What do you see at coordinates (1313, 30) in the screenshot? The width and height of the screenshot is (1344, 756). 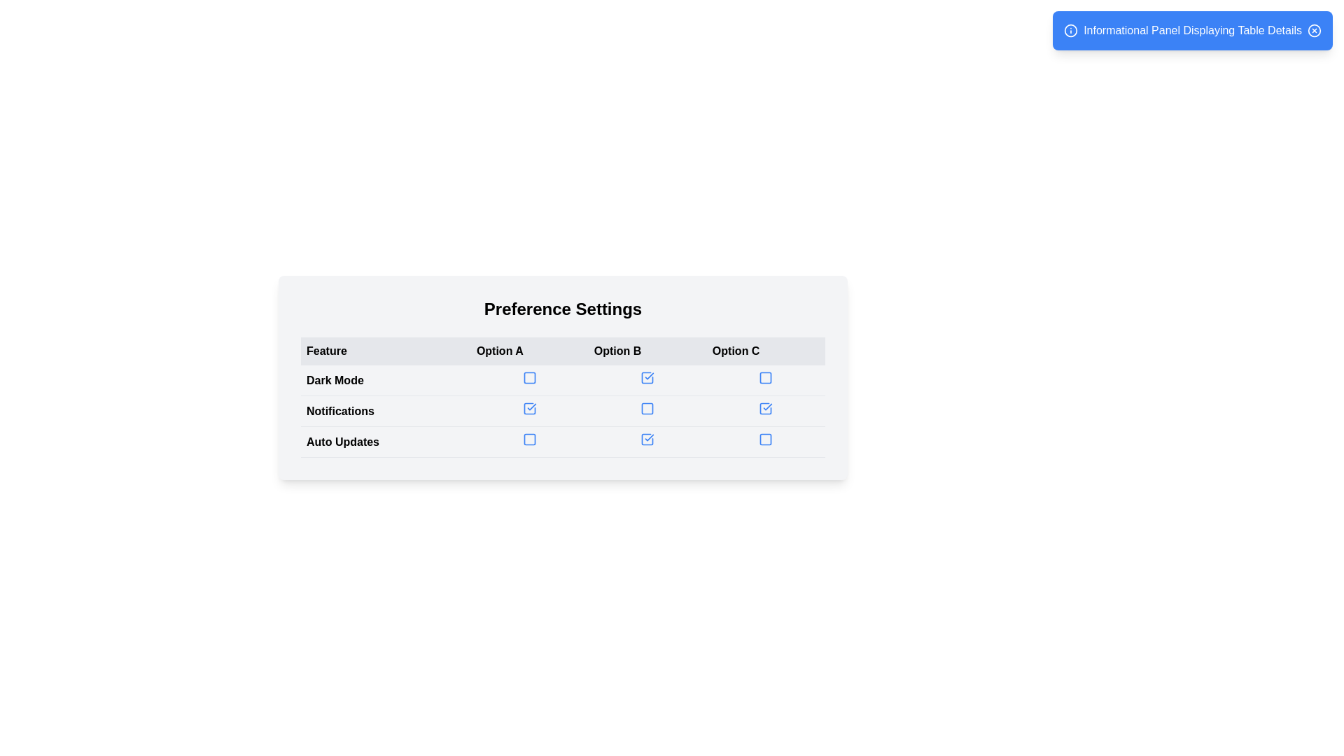 I see `the circular element representing the 'close' icon in the top-right corner of the blue rectangular section labeled 'Informational Panel Displaying Table Details'` at bounding box center [1313, 30].